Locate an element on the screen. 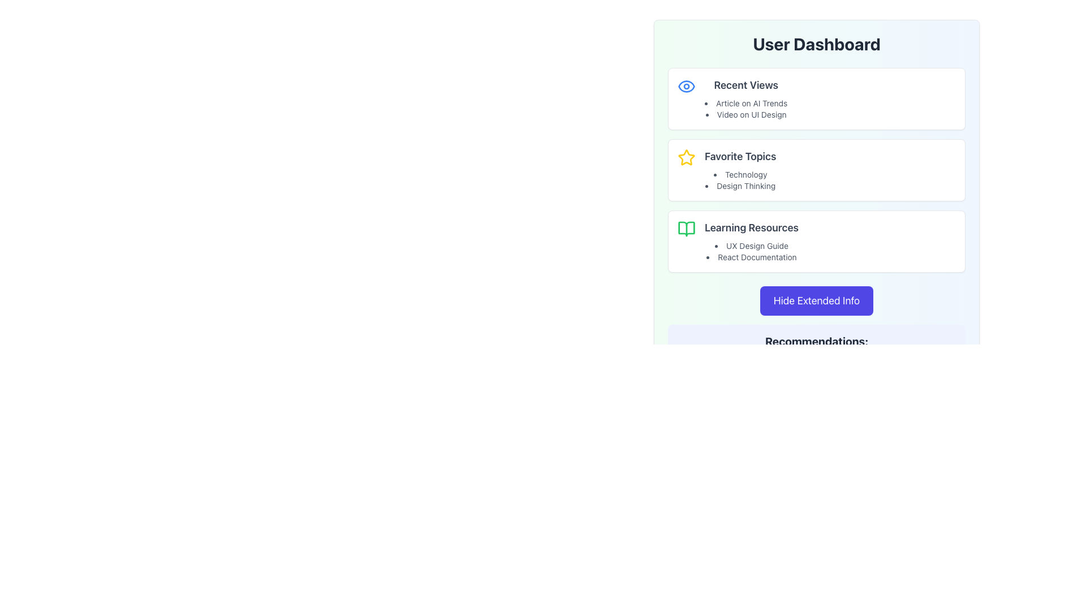 Image resolution: width=1086 pixels, height=611 pixels. the text label that provides information about the resource titled 'UX Design Guide' is located at coordinates (752, 246).